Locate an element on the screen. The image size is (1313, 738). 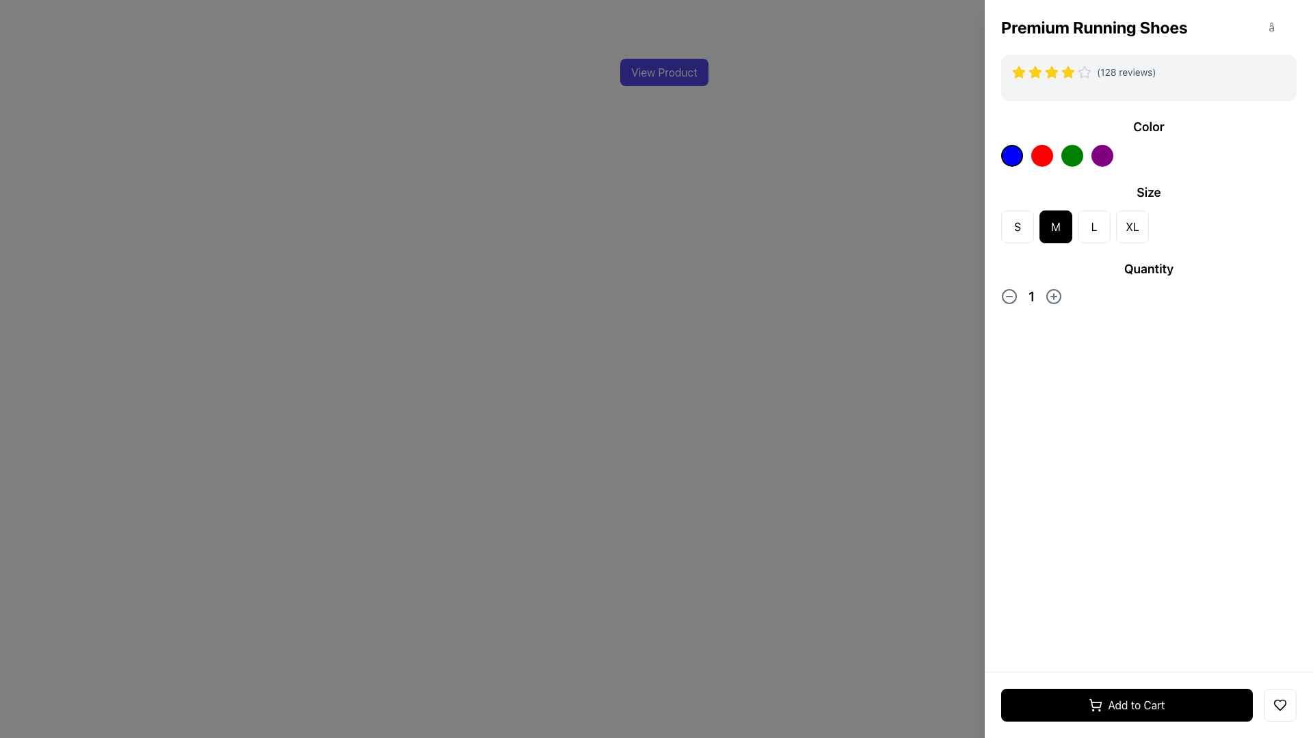
the second star-shaped icon with a yellow fill and a black border is located at coordinates (1050, 71).